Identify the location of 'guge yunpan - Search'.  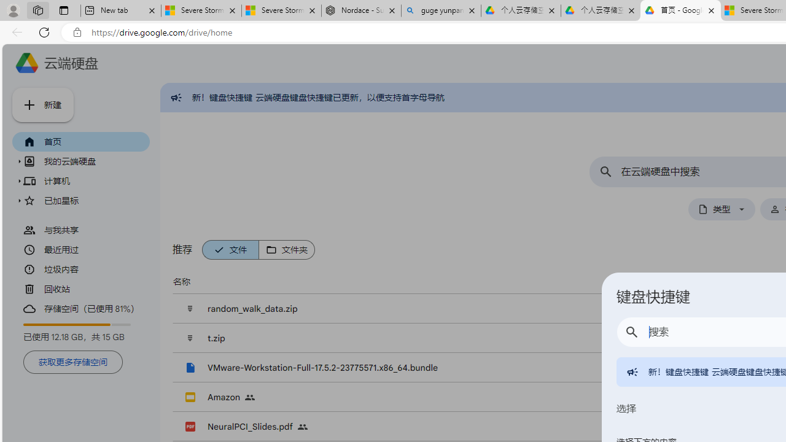
(441, 10).